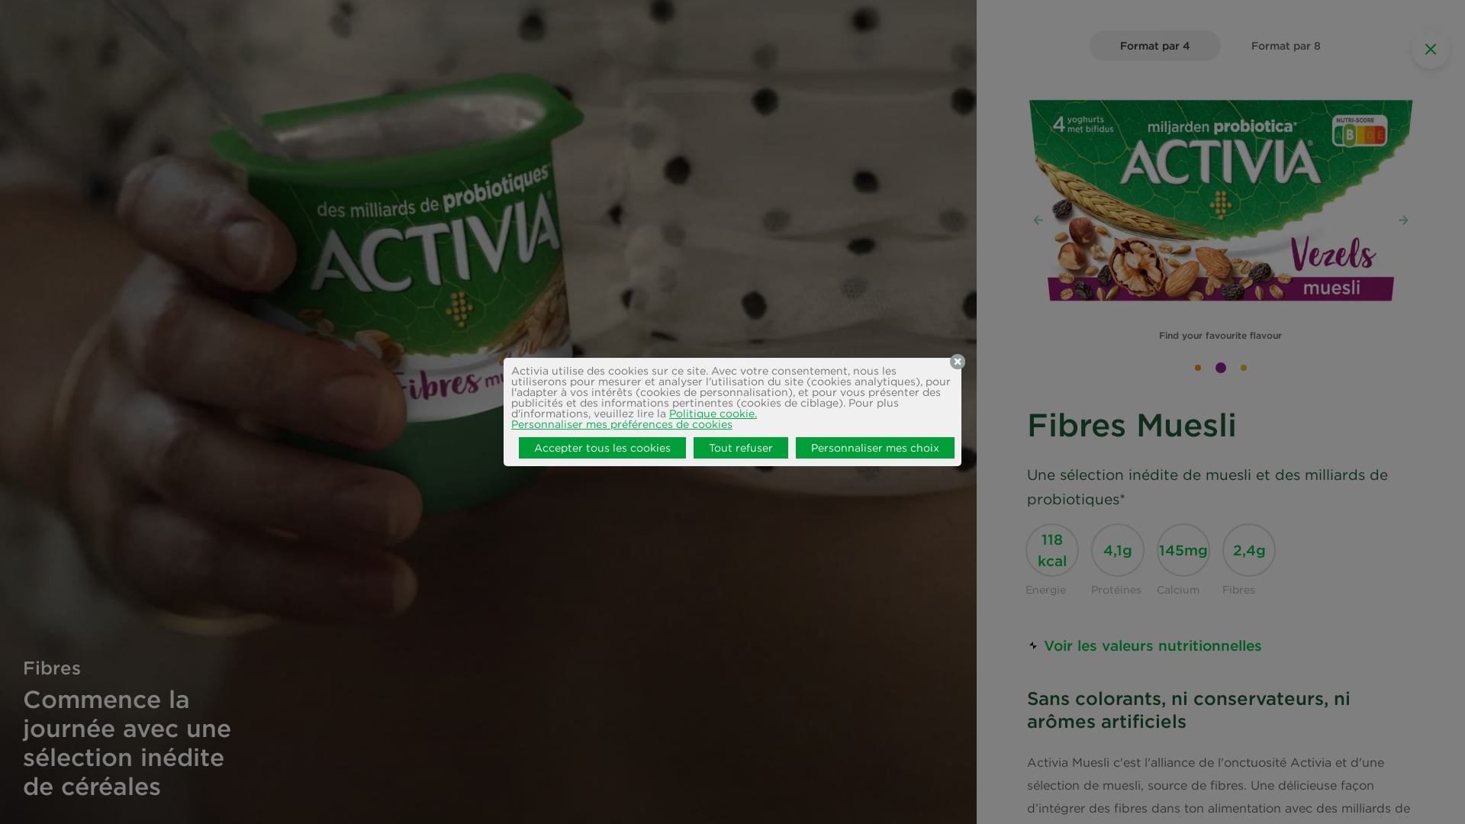 This screenshot has width=1465, height=824. What do you see at coordinates (1144, 645) in the screenshot?
I see `'Voir les valeurs nutritionnelles'` at bounding box center [1144, 645].